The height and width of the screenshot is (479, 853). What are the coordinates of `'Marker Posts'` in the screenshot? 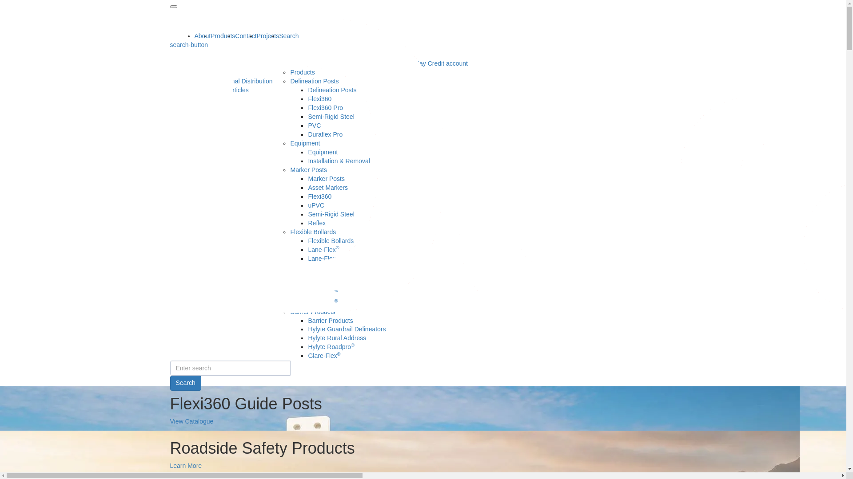 It's located at (290, 169).